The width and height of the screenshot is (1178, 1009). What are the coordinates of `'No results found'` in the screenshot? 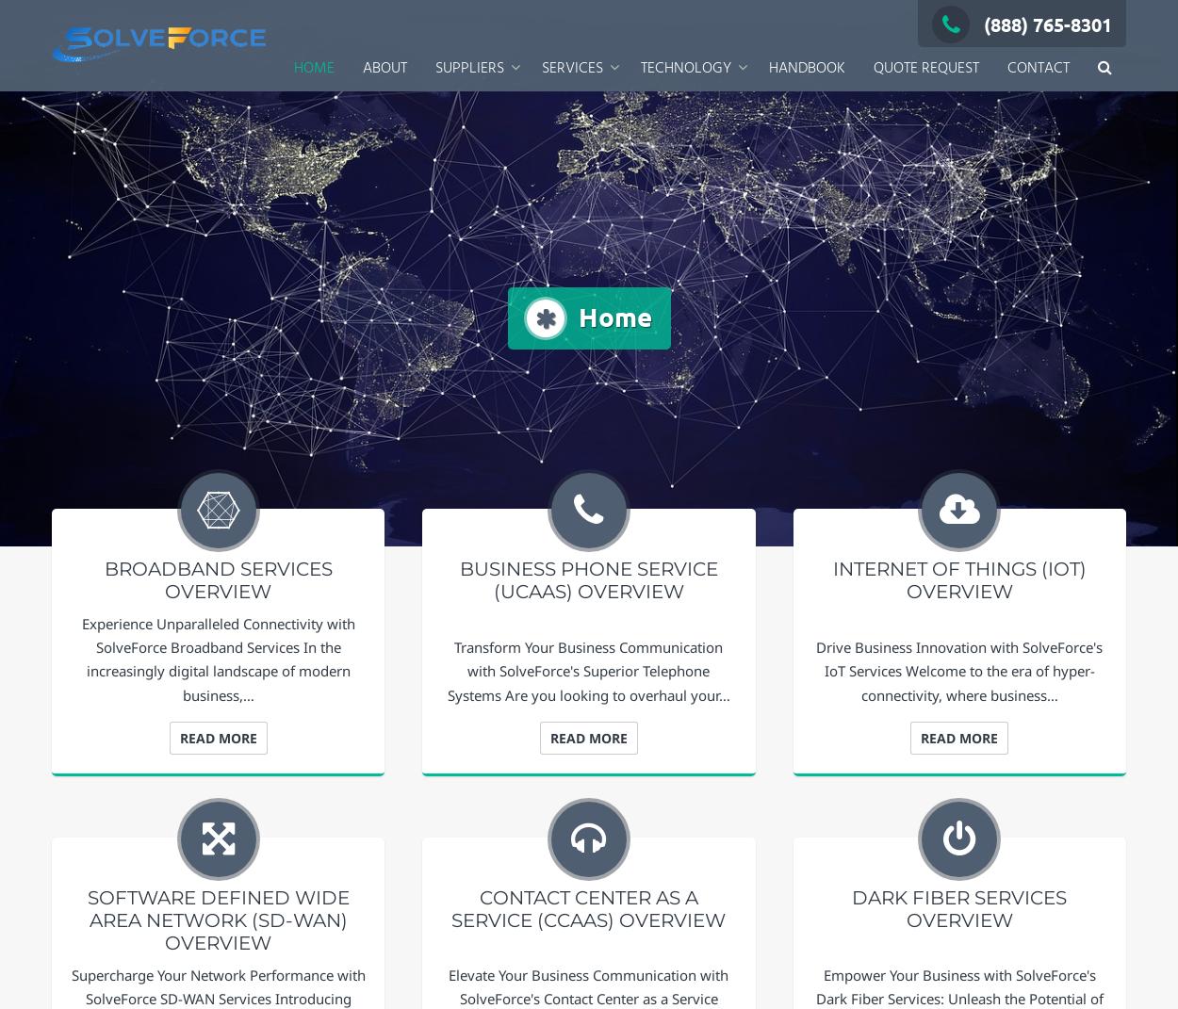 It's located at (189, 126).